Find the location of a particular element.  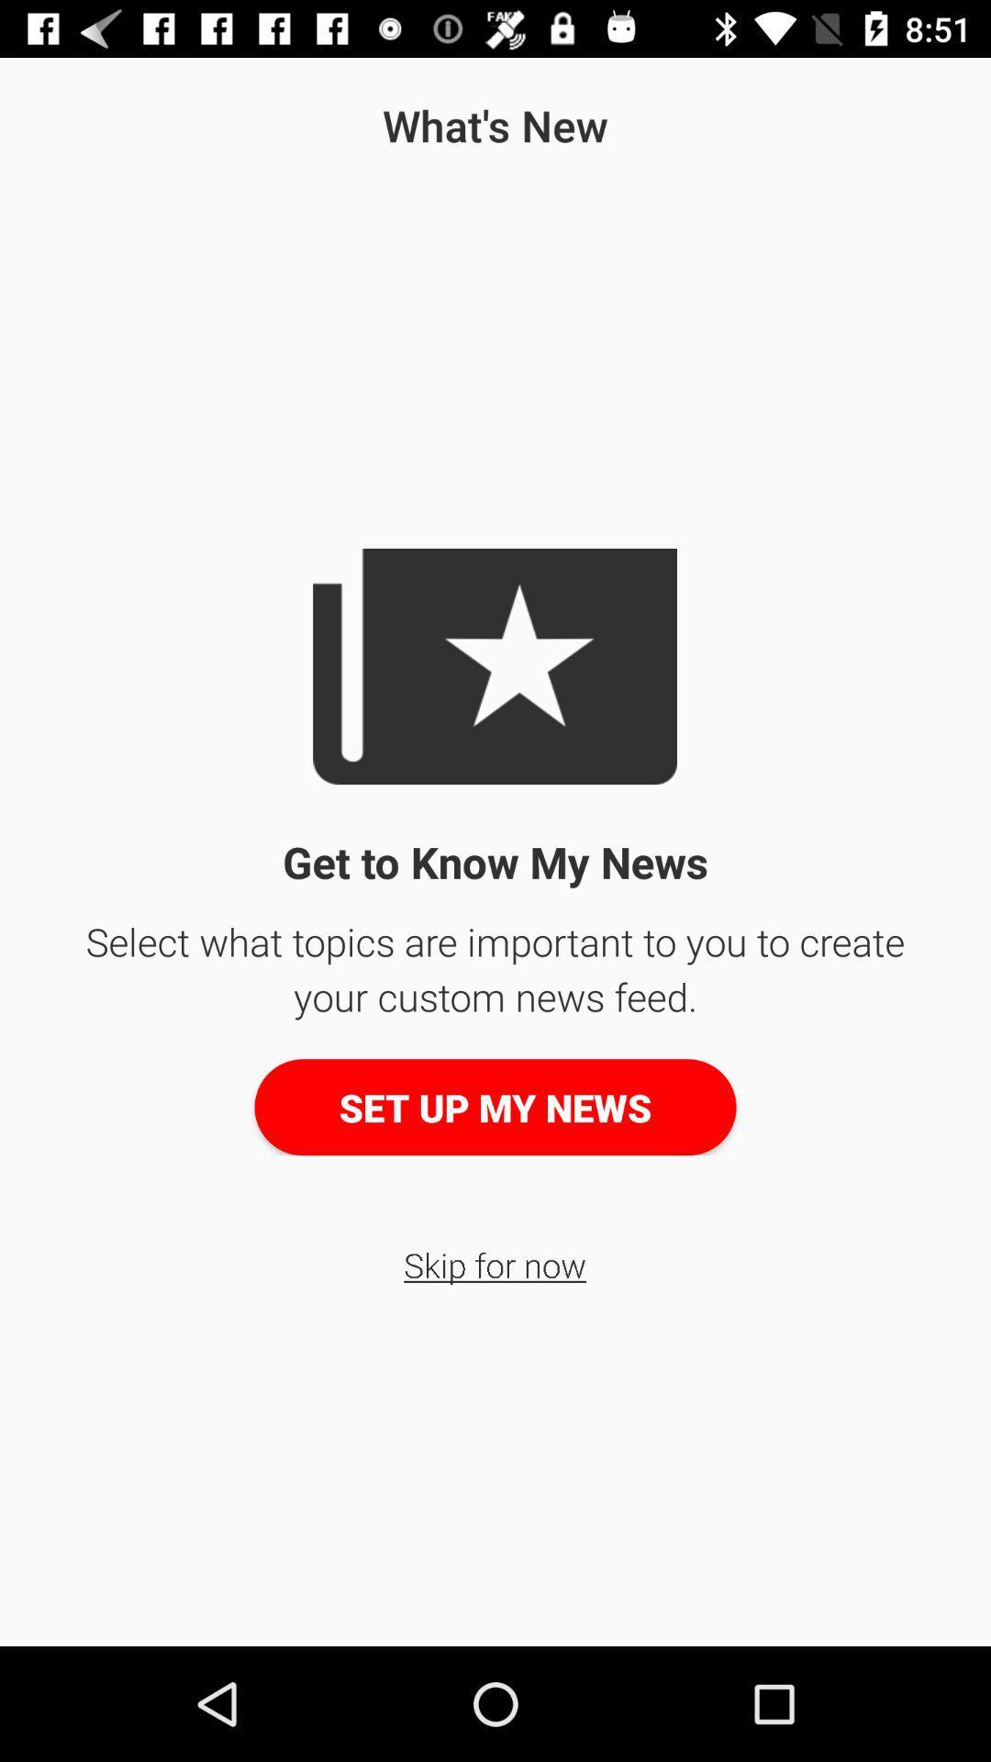

the skip for now is located at coordinates (494, 1264).